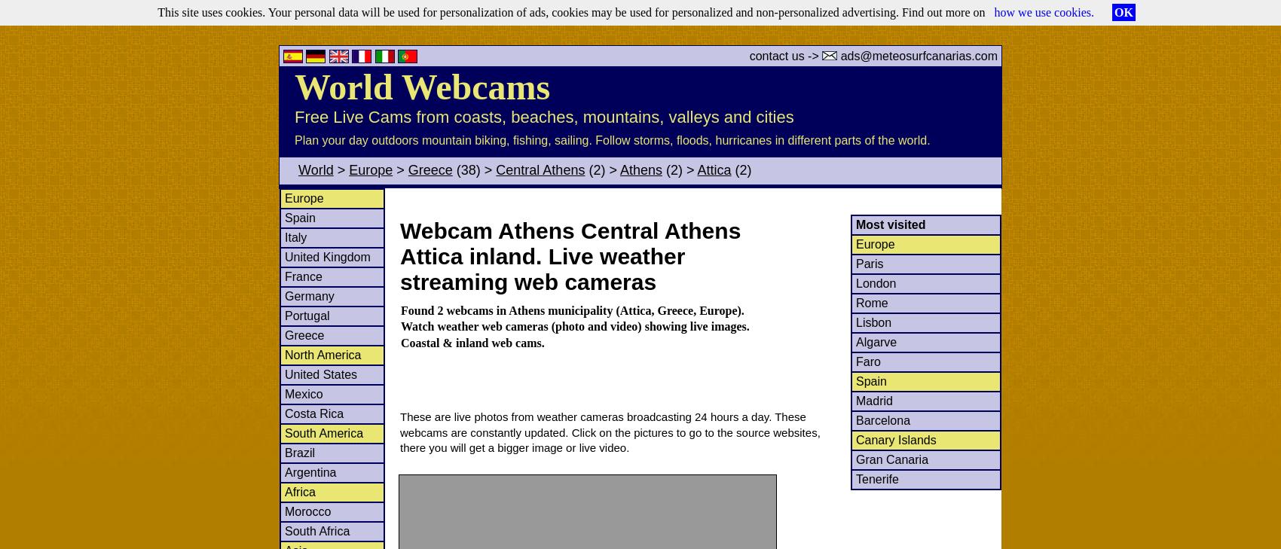  What do you see at coordinates (609, 432) in the screenshot?
I see `'These are live photos from weather cameras broadcasting 24 hours a day. These webcams are constantly updated. Click on the pictures to go to the source websites, there you will get a bigger image or live video.'` at bounding box center [609, 432].